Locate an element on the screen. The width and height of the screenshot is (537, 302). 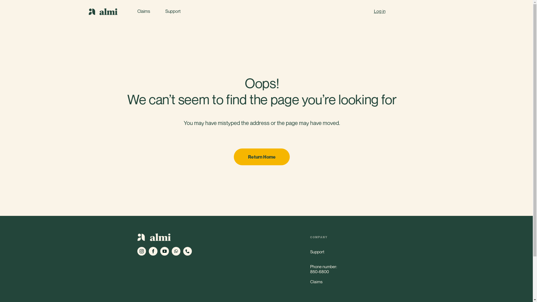
'Log in' is located at coordinates (373, 11).